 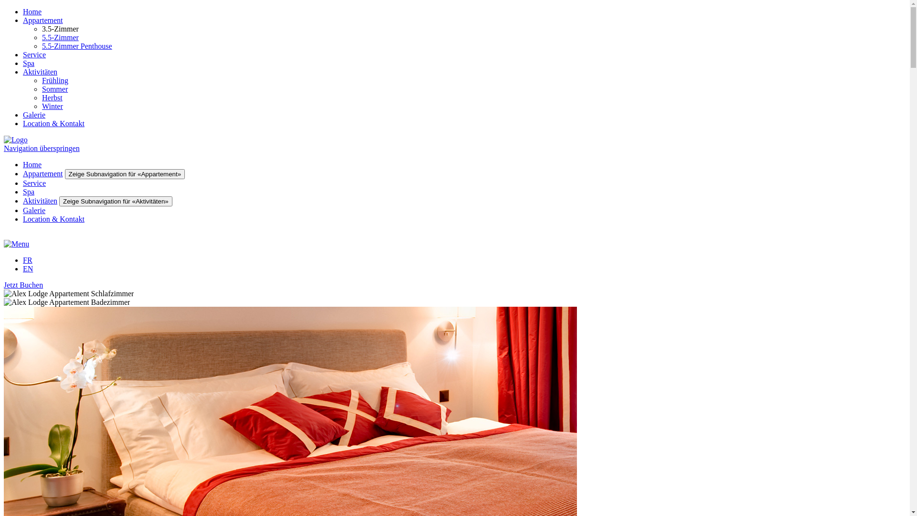 I want to click on 'Location & Kontakt', so click(x=53, y=123).